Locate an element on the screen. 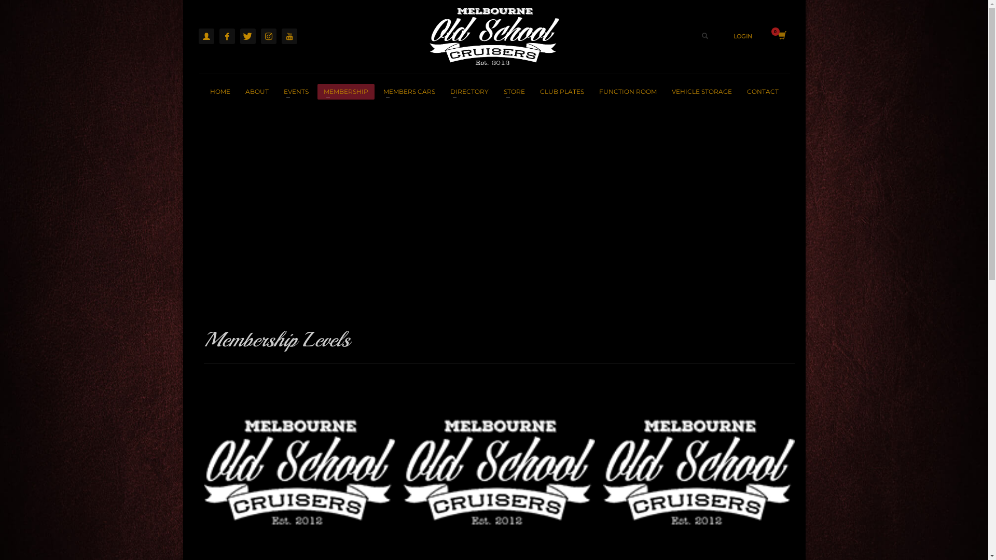 This screenshot has height=560, width=996. 'Instagram' is located at coordinates (268, 35).